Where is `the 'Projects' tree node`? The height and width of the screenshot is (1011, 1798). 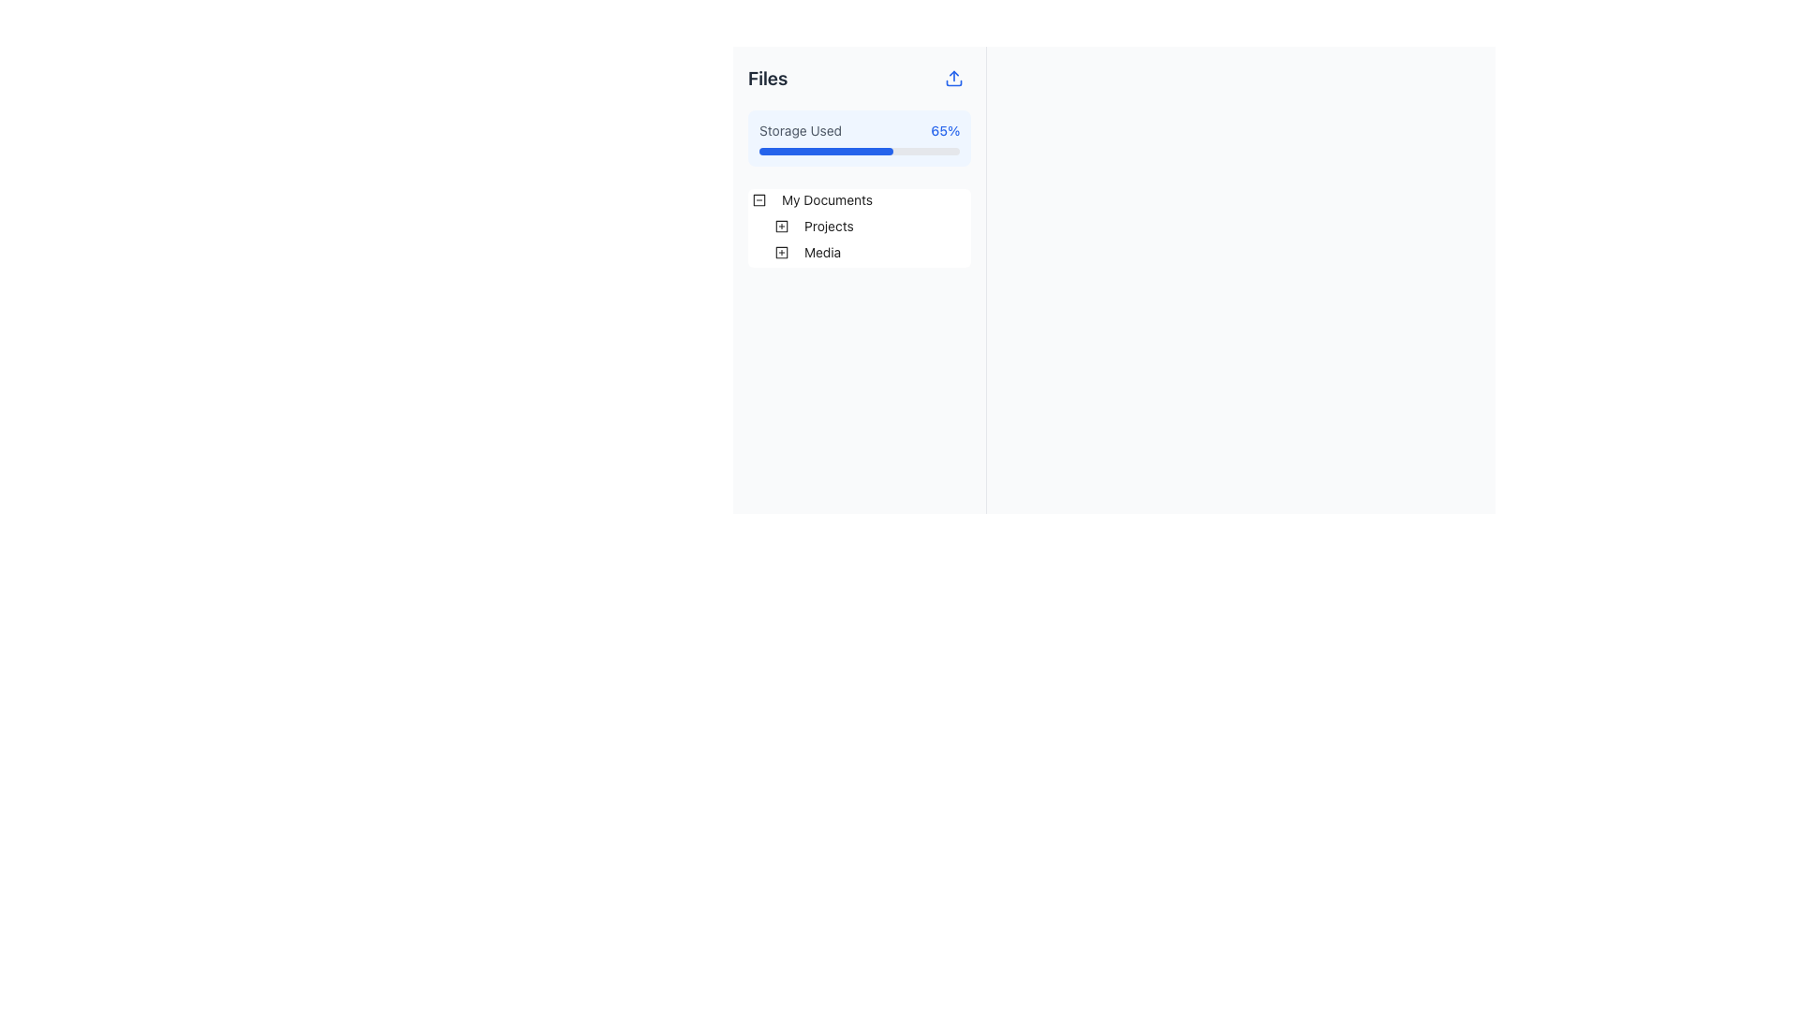
the 'Projects' tree node is located at coordinates (828, 226).